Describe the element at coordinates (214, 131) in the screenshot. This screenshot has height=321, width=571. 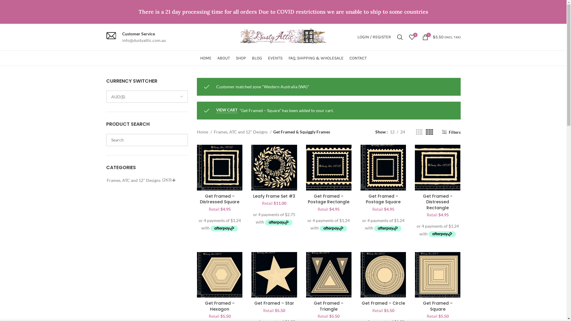
I see `'Frames, ATC and 12" Designs'` at that location.